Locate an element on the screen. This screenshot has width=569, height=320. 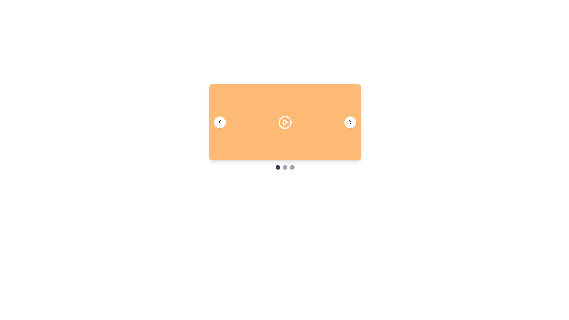
the second circular indicator of the Carousel, which is gray and located in the middle of three horizontally arranged indicators below the main content area is located at coordinates (285, 167).